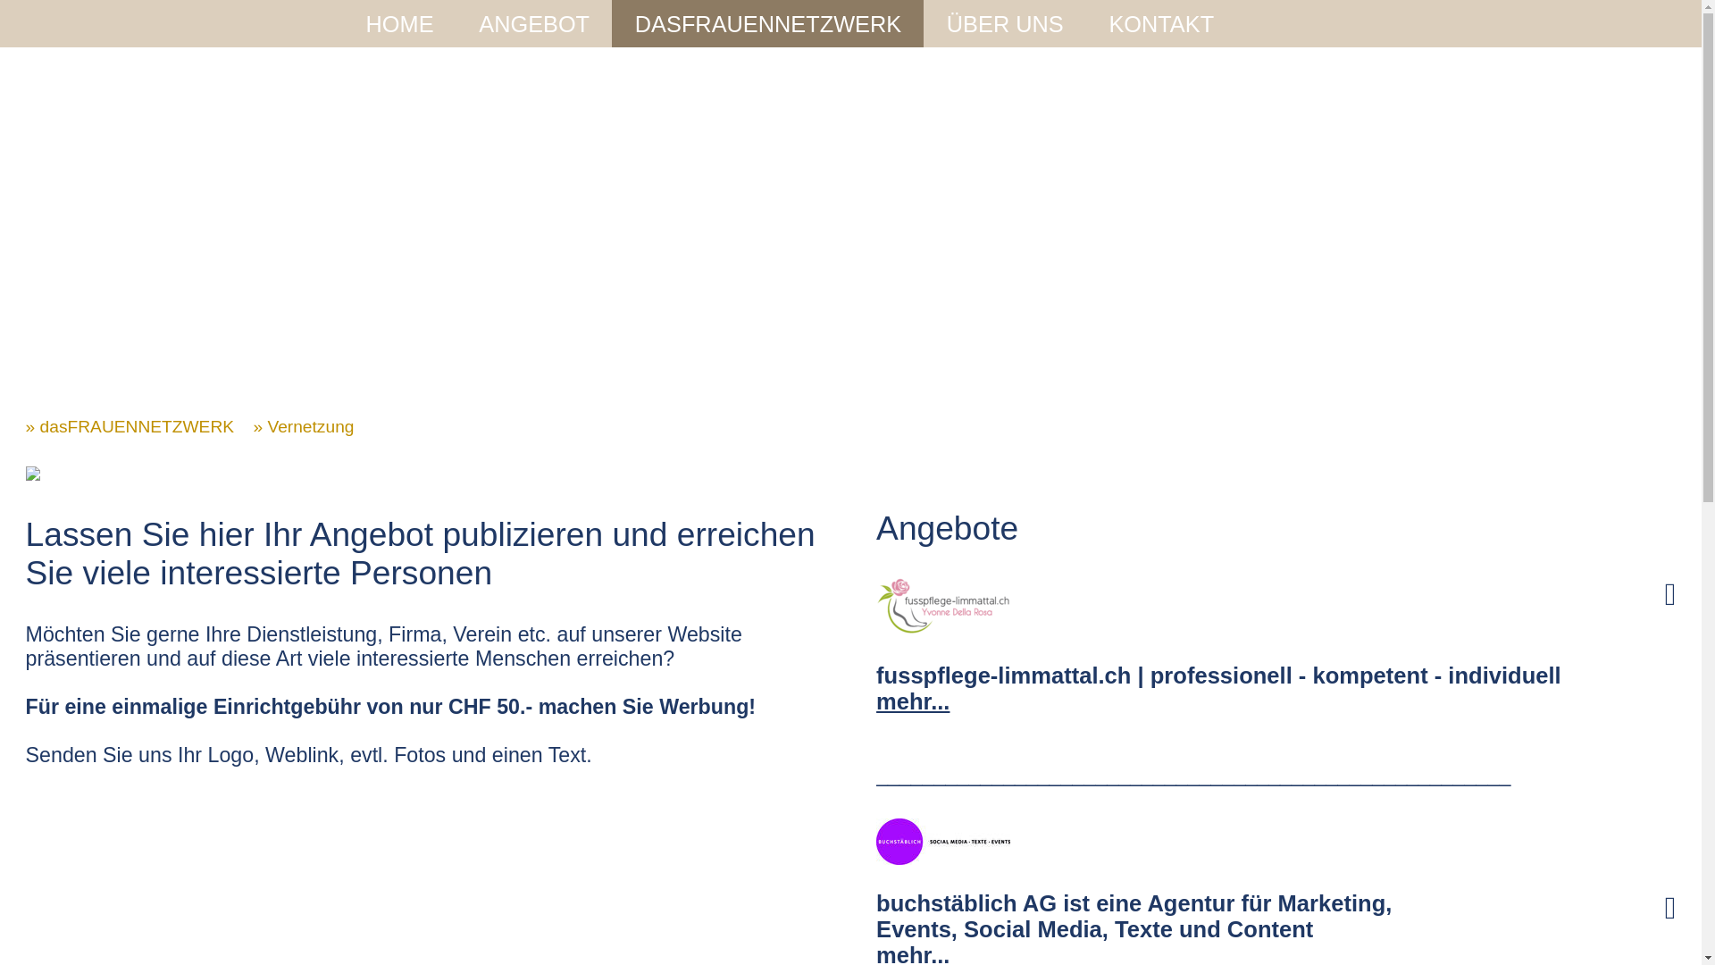 The height and width of the screenshot is (965, 1715). What do you see at coordinates (479, 24) in the screenshot?
I see `'ANGEBOT'` at bounding box center [479, 24].